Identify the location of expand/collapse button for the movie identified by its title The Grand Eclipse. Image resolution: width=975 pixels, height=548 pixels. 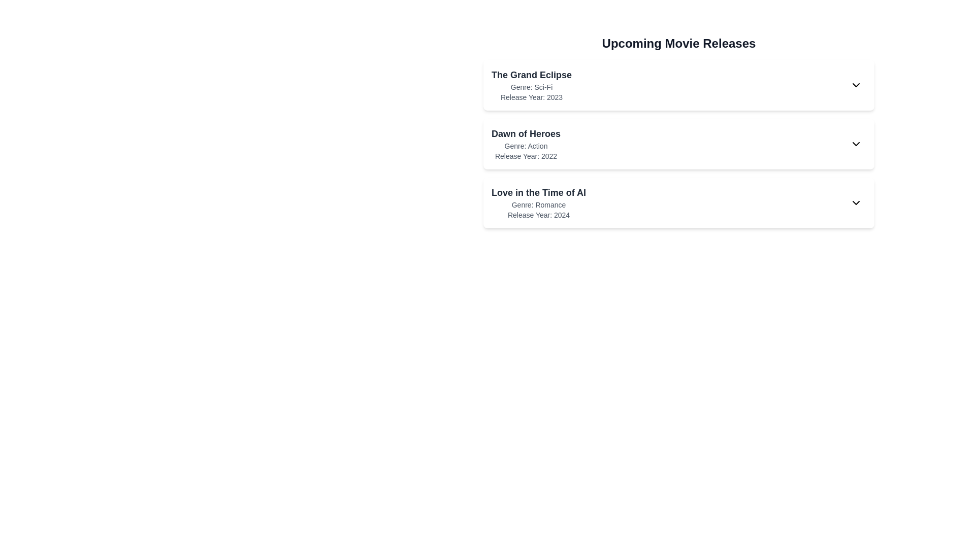
(855, 85).